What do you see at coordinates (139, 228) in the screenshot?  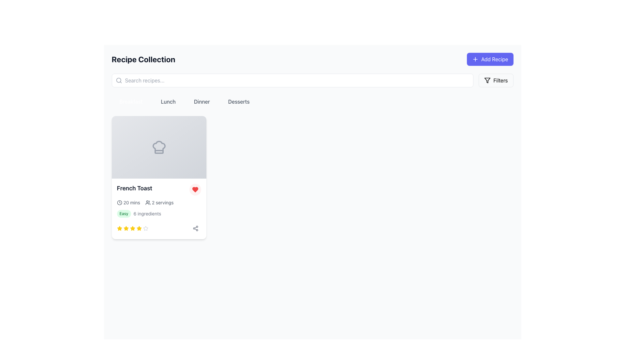 I see `the fifth yellow star icon in the rating component below the 'French Toast' card` at bounding box center [139, 228].